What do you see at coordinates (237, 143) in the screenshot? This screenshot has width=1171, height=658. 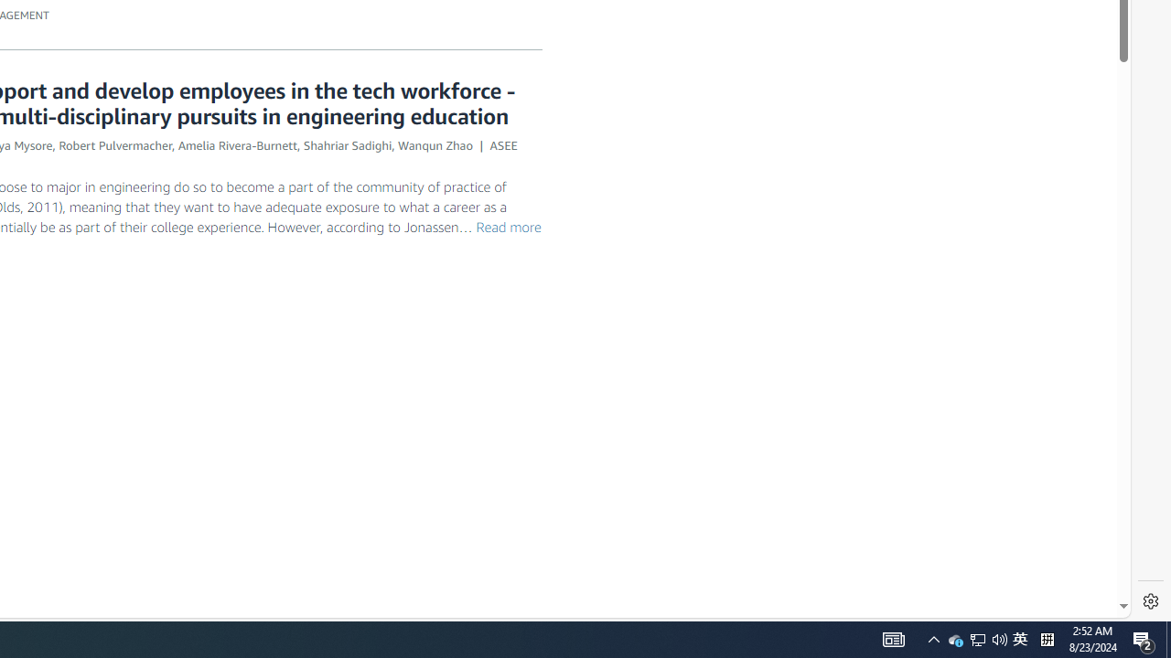 I see `'Amelia Rivera-Burnett'` at bounding box center [237, 143].